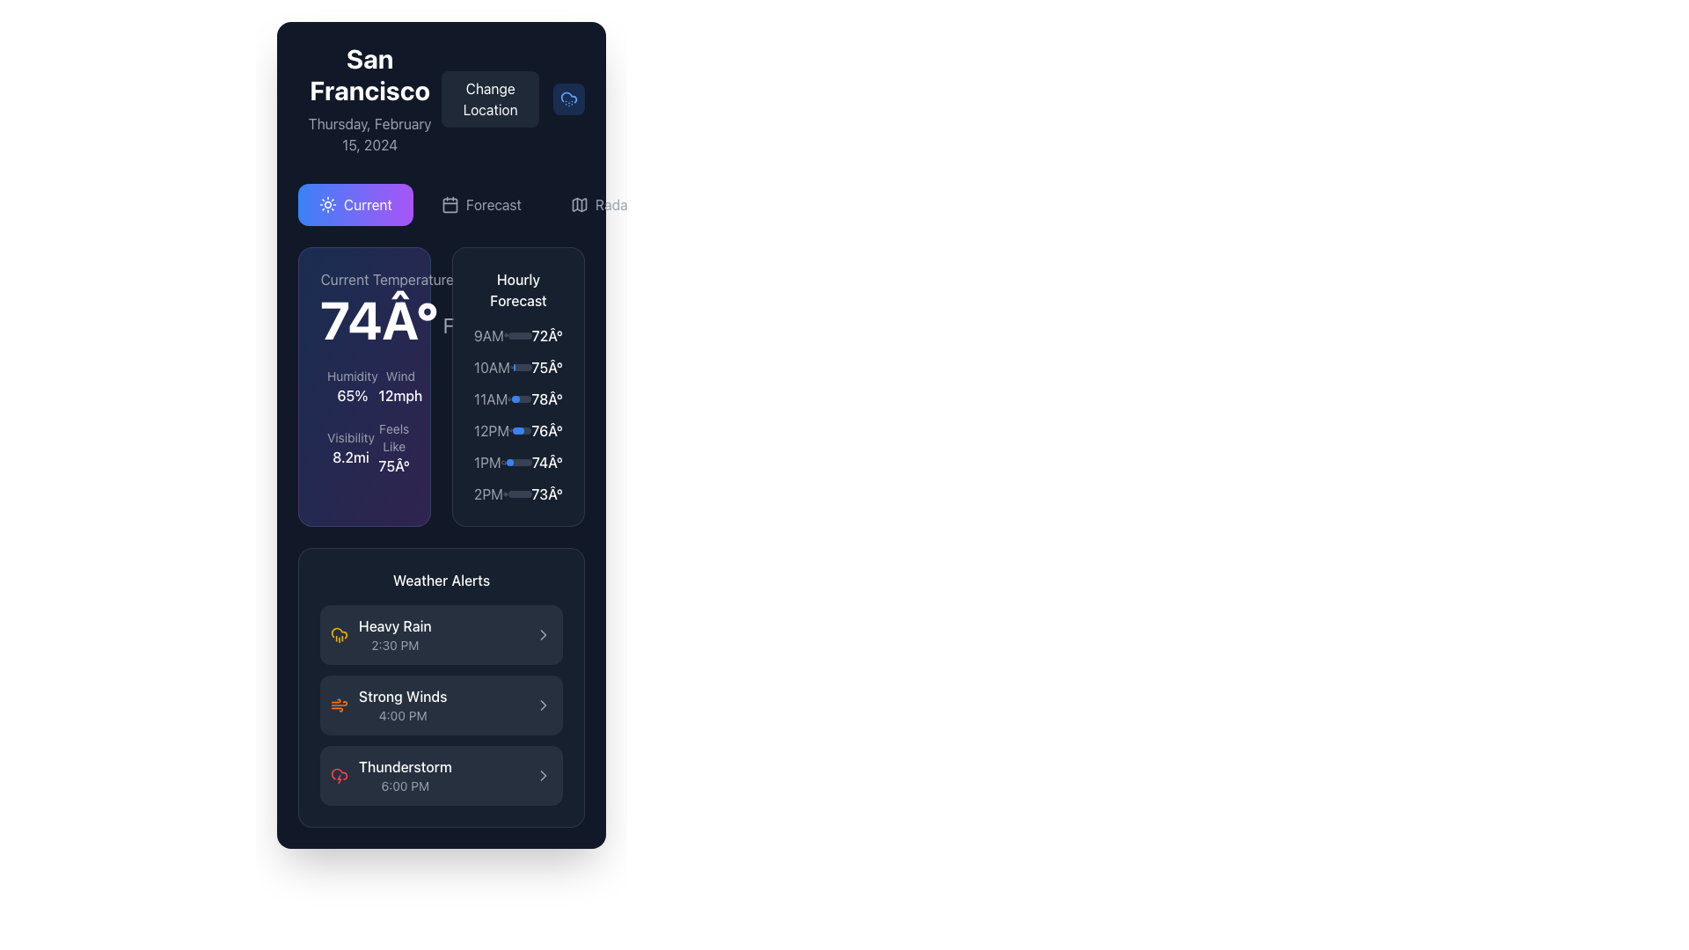 The height and width of the screenshot is (950, 1689). I want to click on progress bar located in the hourly forecast section, which visually indicates the progression of an attribute such as temperature, situated centrally with '9AM' on the left and '72°' on the right, so click(519, 335).